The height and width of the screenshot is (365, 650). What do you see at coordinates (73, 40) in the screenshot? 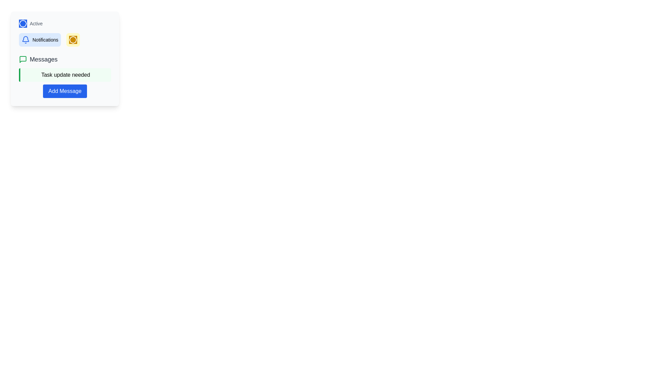
I see `the notification icon badge located to the right of the 'Notifications' text and icon in the upper-left notification section of the interface` at bounding box center [73, 40].